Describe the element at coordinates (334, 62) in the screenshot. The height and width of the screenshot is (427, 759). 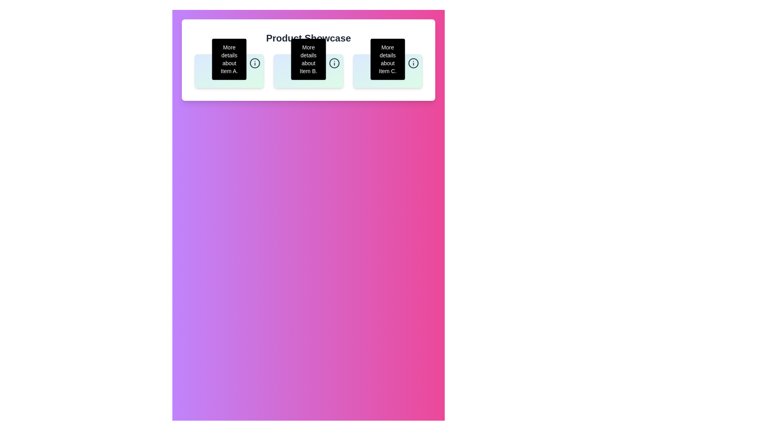
I see `the circular SVG graphic element that is part of the icon representing information within the second card labeled 'More details about Item B'` at that location.